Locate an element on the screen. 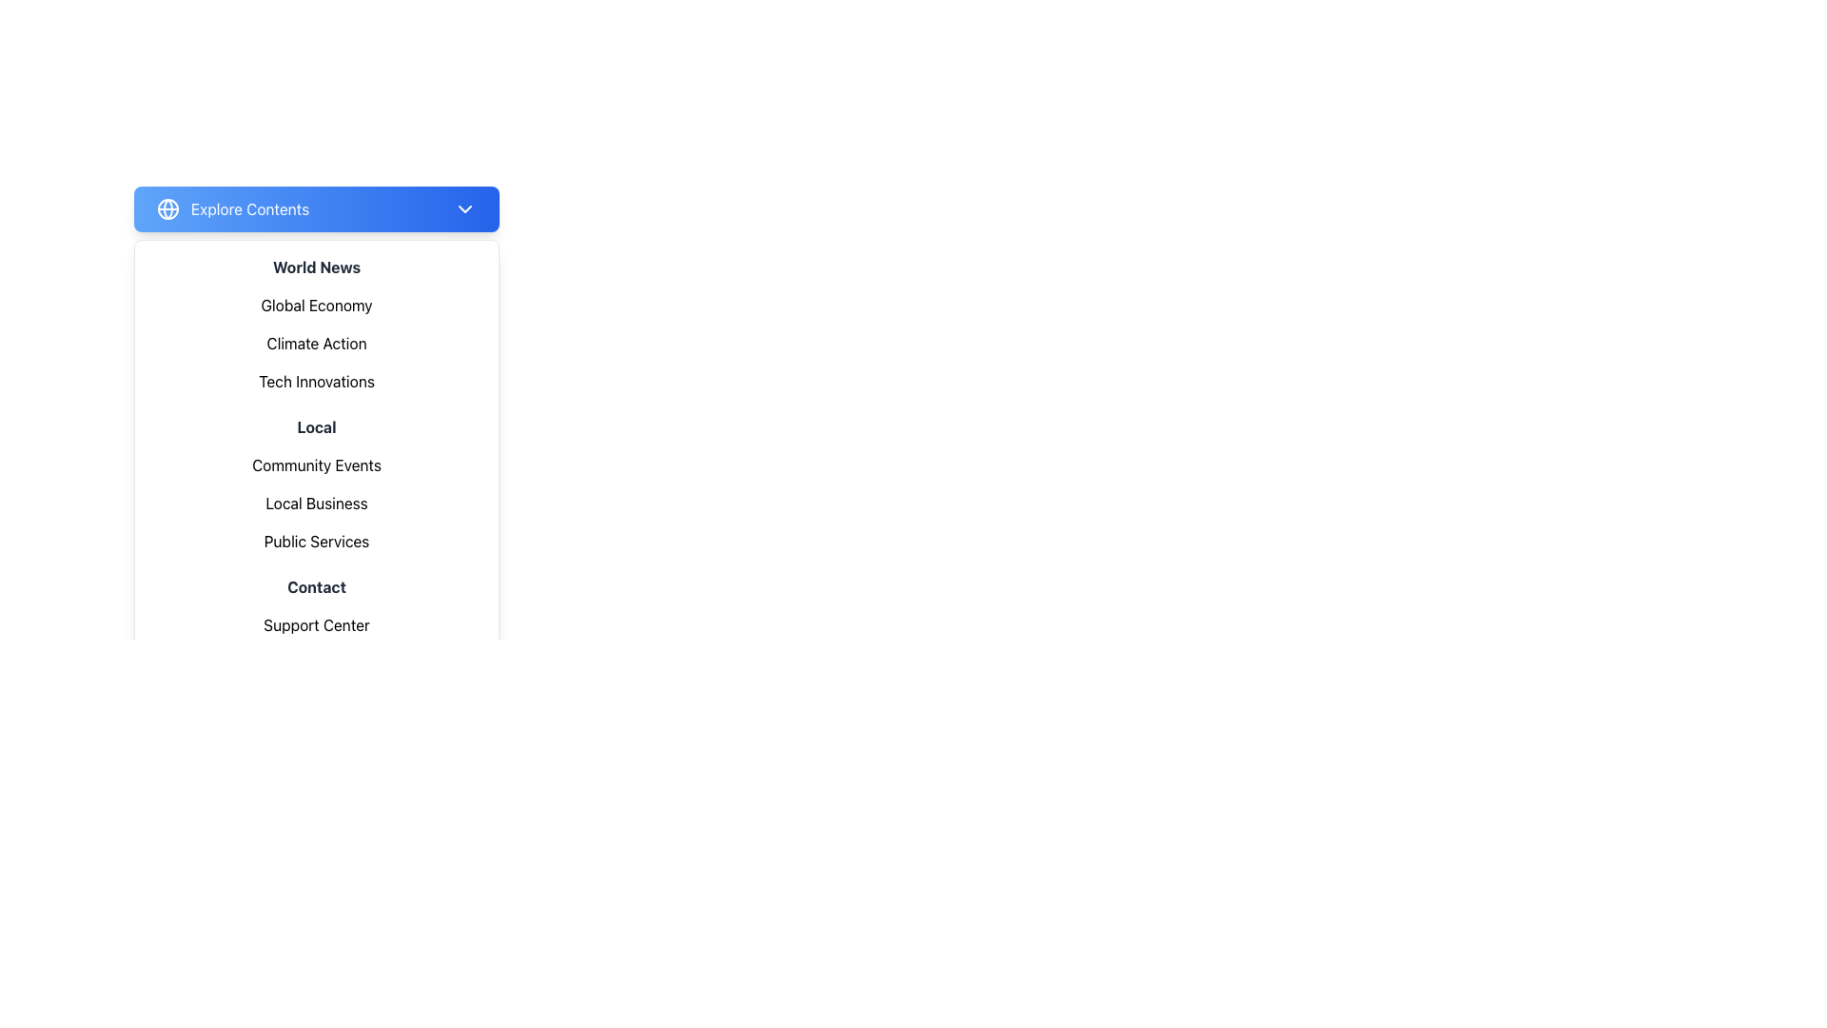  the 'Tech Innovations' Text Button located at the bottom of the 'World News' section is located at coordinates (316, 382).